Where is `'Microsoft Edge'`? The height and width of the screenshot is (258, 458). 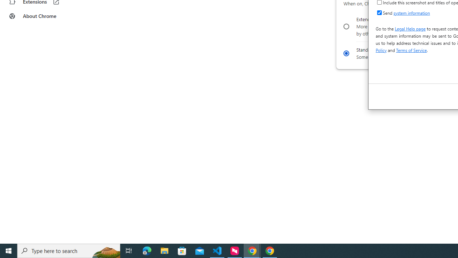
'Microsoft Edge' is located at coordinates (147, 250).